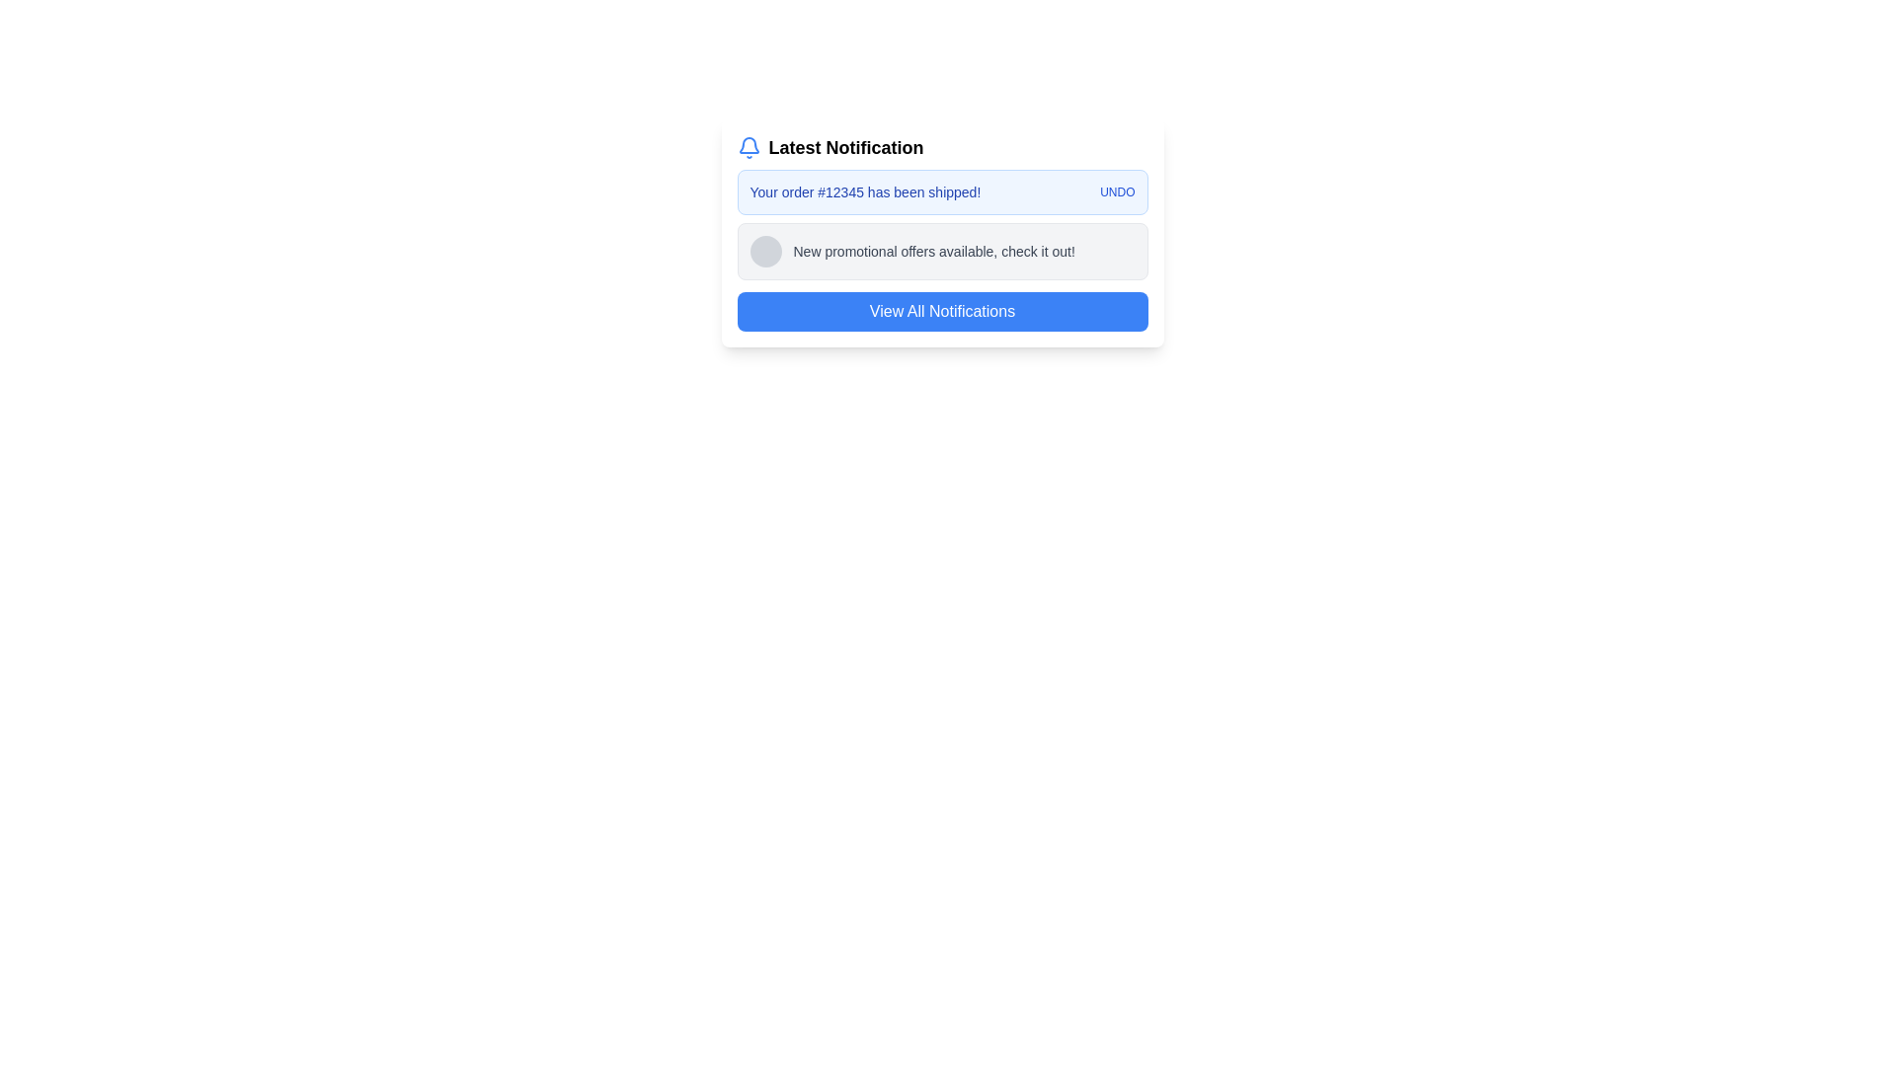  What do you see at coordinates (846, 147) in the screenshot?
I see `the 'Latest Notification' text label located in the notification panel, adjacent to the blue notification bell icon` at bounding box center [846, 147].